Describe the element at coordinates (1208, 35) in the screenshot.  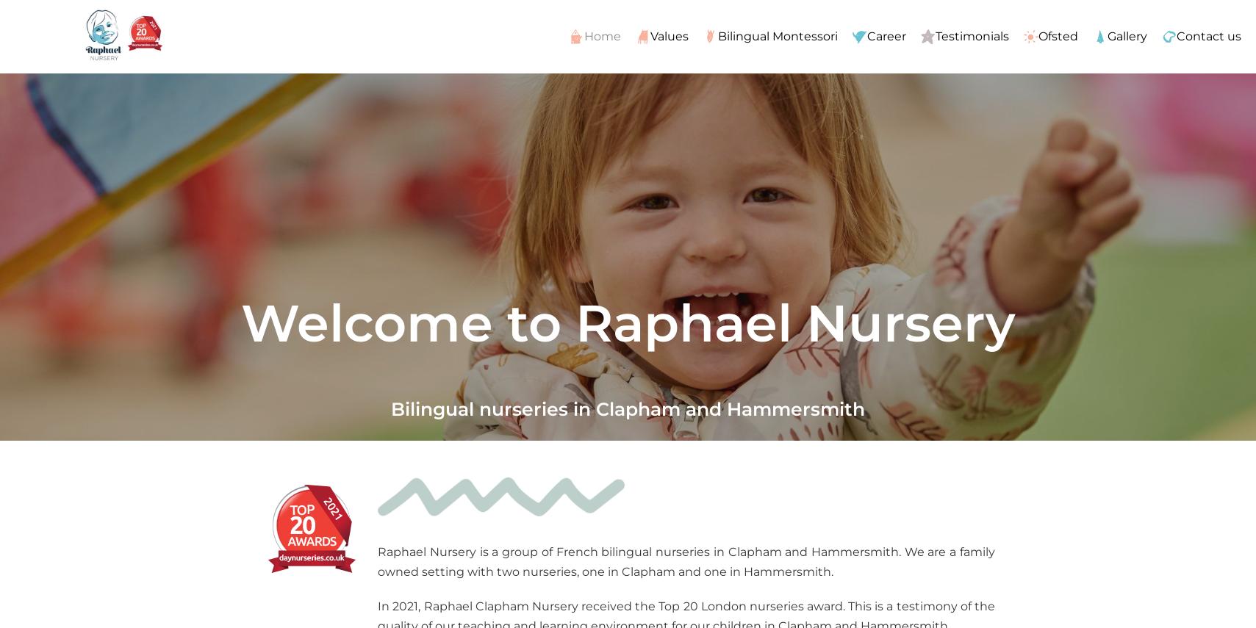
I see `'Contact us'` at that location.